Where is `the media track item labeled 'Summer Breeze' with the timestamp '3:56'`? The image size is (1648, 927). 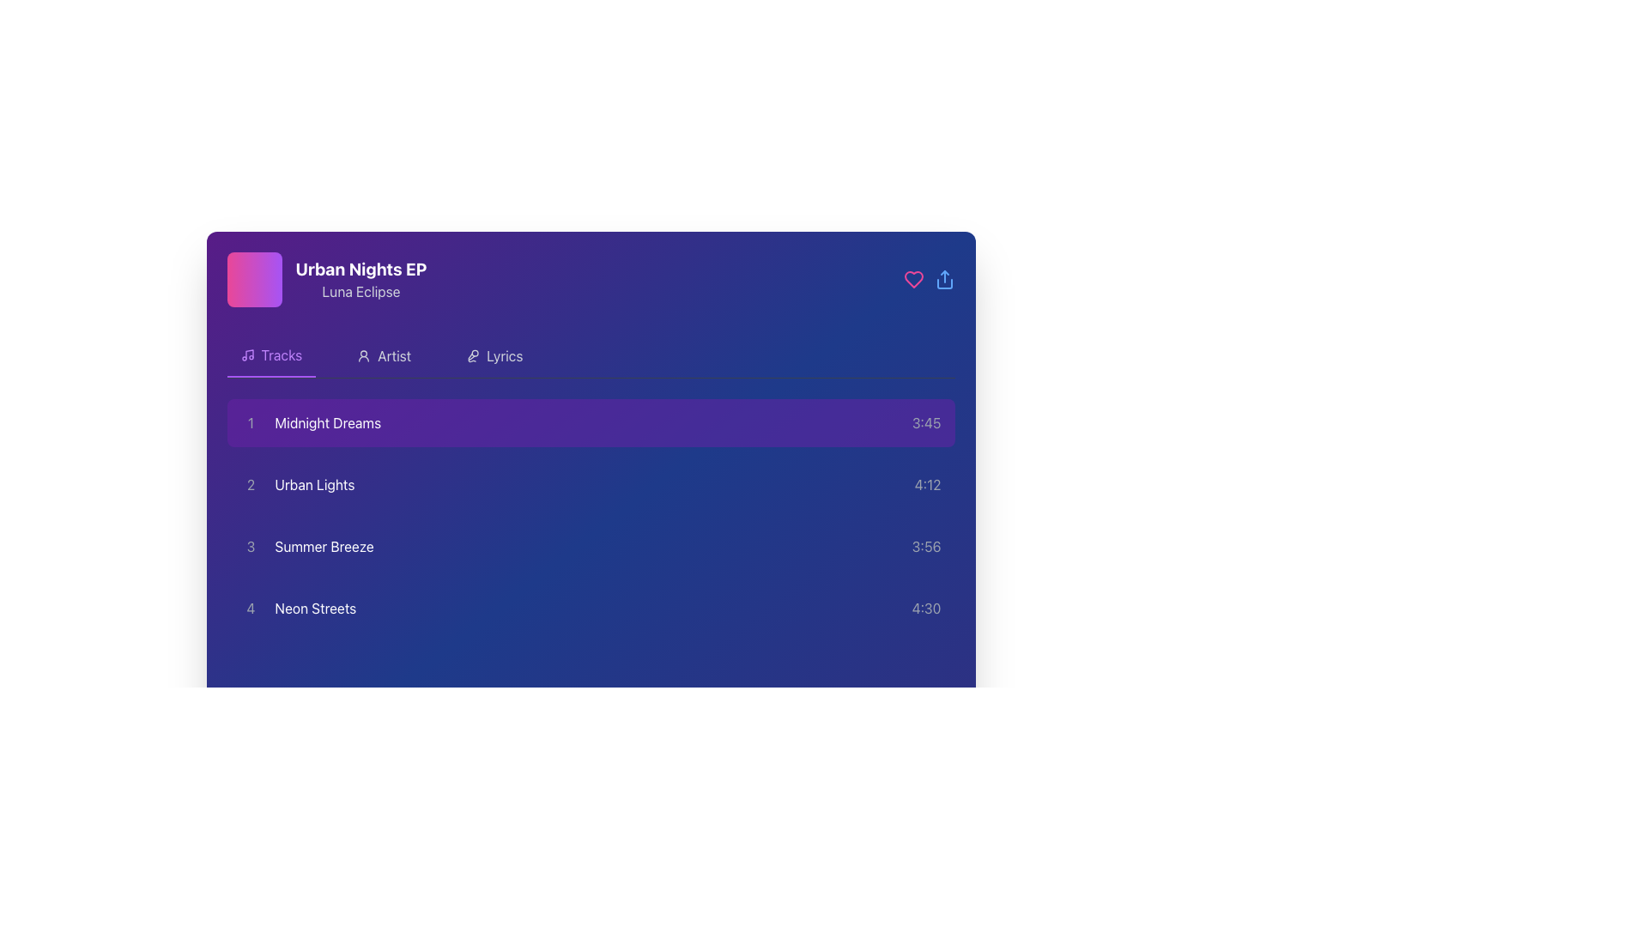 the media track item labeled 'Summer Breeze' with the timestamp '3:56' is located at coordinates (591, 546).